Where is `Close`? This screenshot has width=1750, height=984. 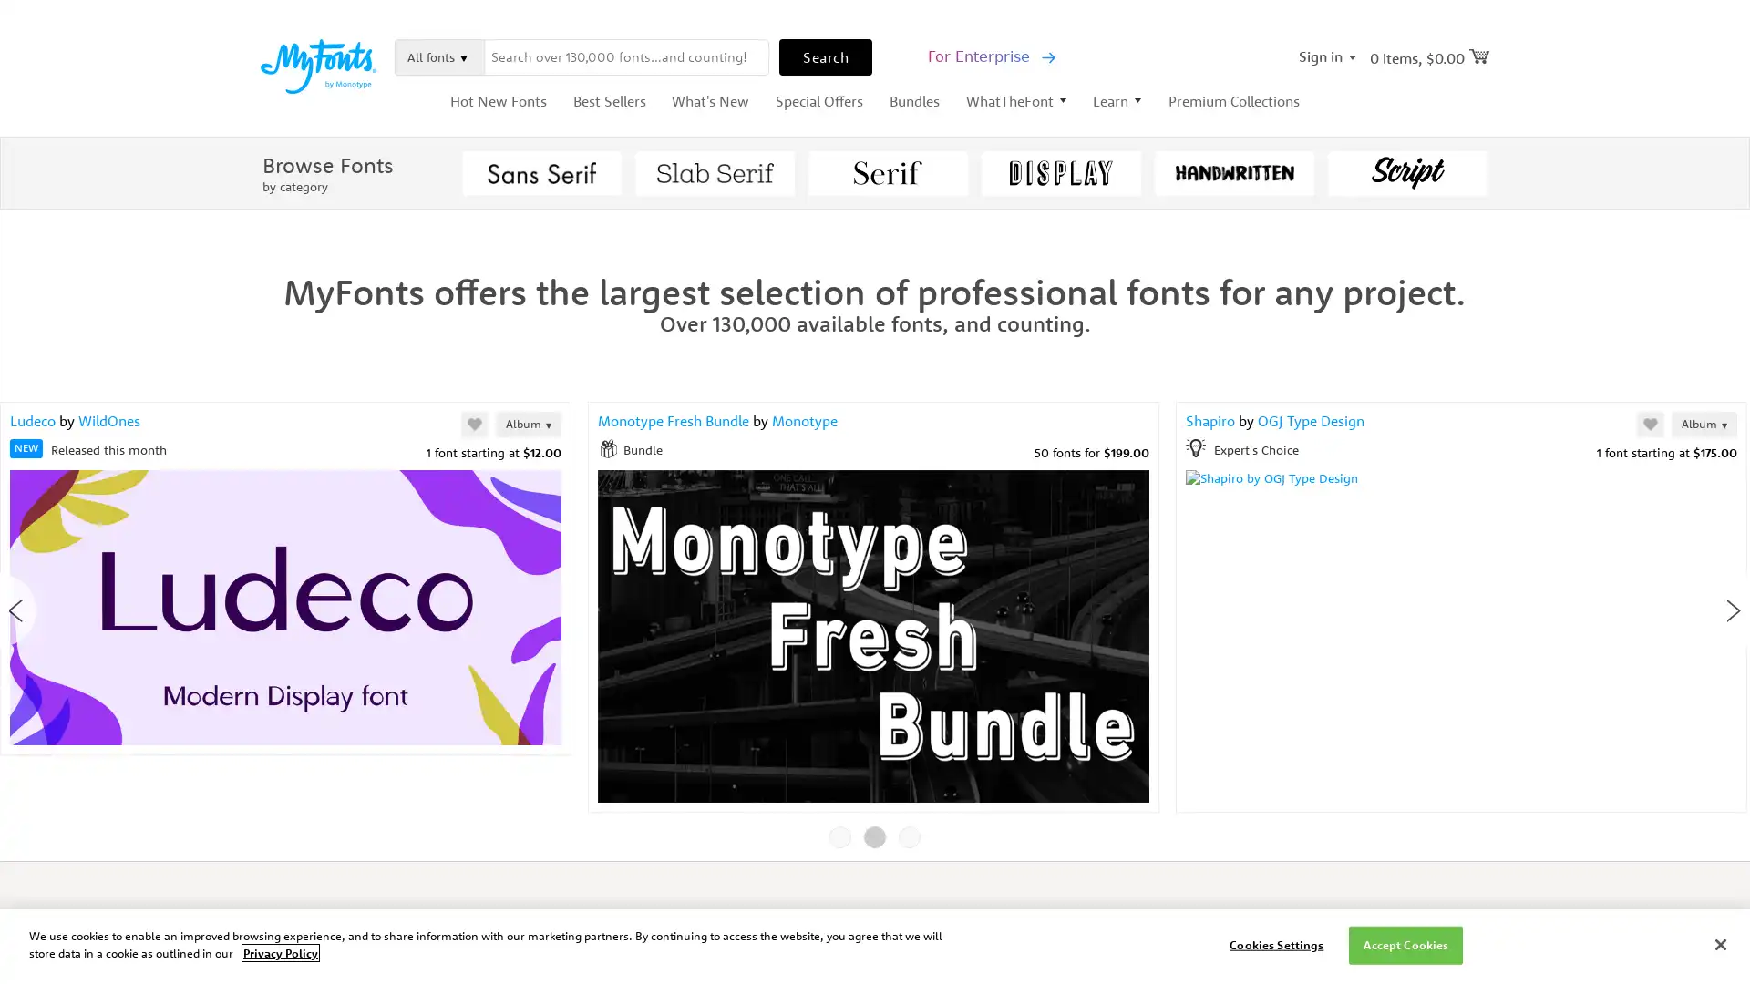
Close is located at coordinates (1217, 131).